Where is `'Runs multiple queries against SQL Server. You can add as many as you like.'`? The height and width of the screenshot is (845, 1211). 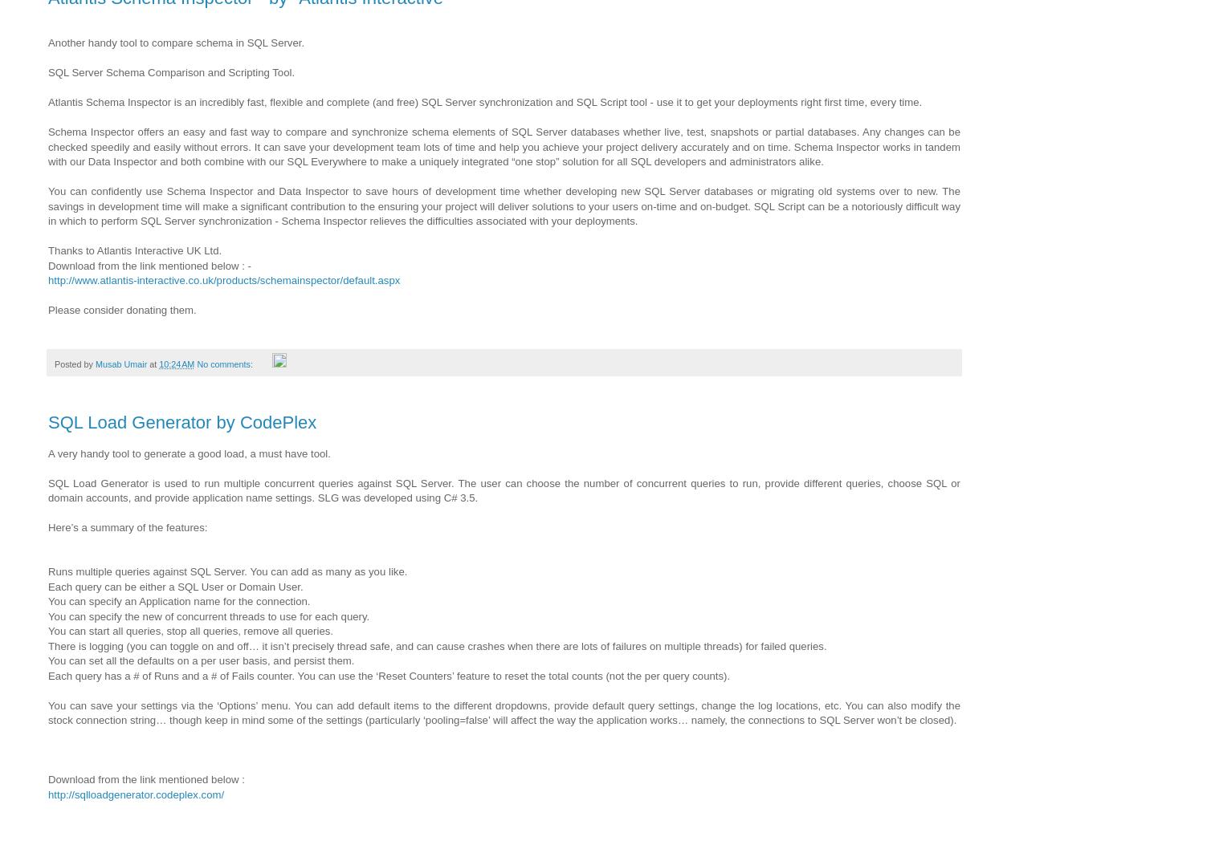
'Runs multiple queries against SQL Server. You can add as many as you like.' is located at coordinates (48, 571).